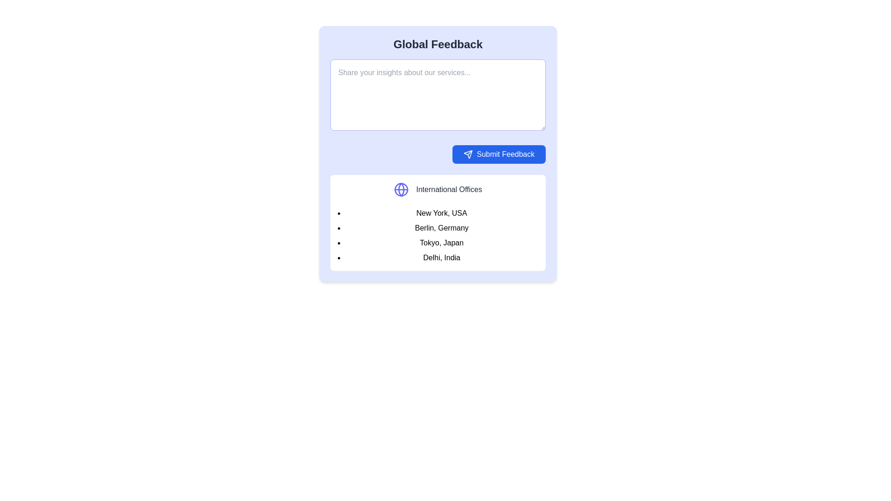 Image resolution: width=891 pixels, height=501 pixels. Describe the element at coordinates (401, 189) in the screenshot. I see `the line element within the blue SVG icon representing international reach, located under the 'Global Feedback' header in the 'International Offices' card` at that location.